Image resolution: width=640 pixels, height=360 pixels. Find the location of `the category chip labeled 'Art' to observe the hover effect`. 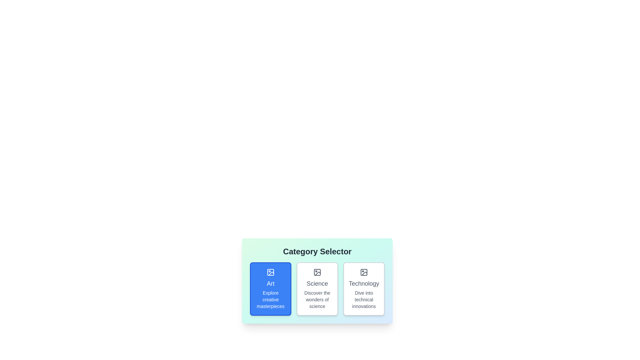

the category chip labeled 'Art' to observe the hover effect is located at coordinates (270, 289).